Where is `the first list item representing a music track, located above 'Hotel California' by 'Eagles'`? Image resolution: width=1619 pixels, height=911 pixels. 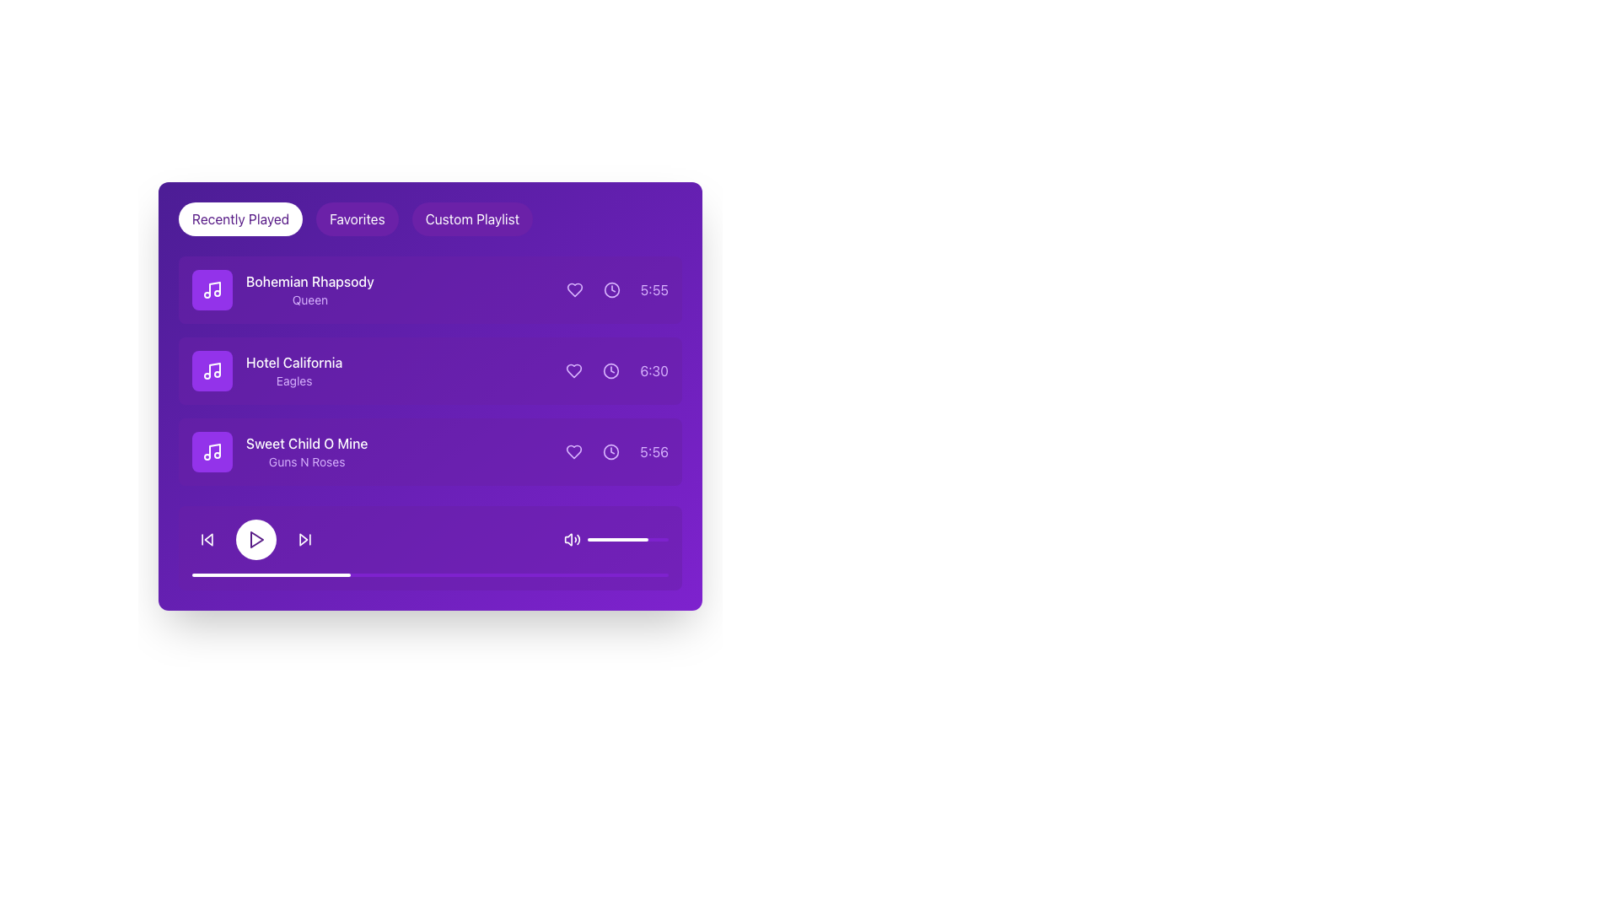 the first list item representing a music track, located above 'Hotel California' by 'Eagles' is located at coordinates (283, 288).